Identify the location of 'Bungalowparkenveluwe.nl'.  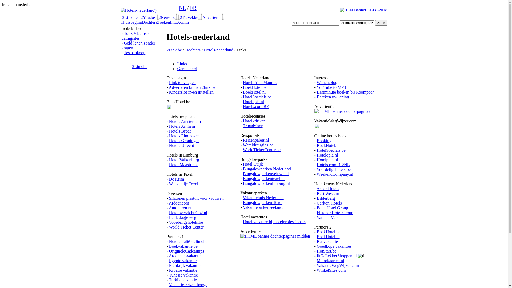
(243, 174).